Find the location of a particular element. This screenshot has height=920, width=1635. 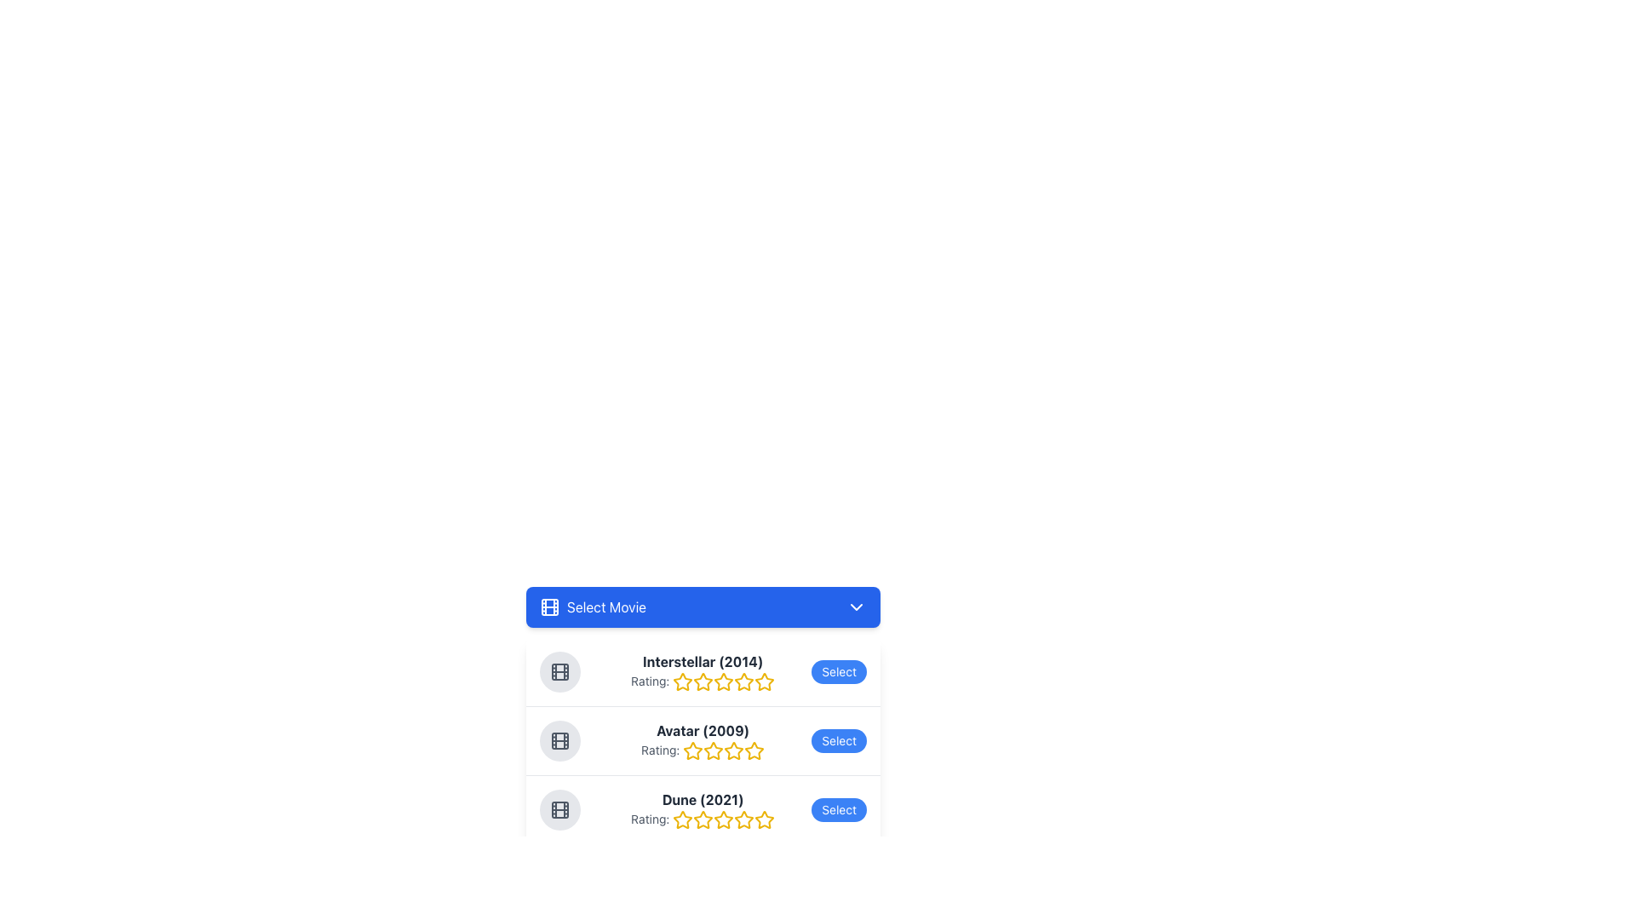

the film icon representing 'Interstellar (2014) Rating:' located at the leftmost section of the row is located at coordinates (559, 671).